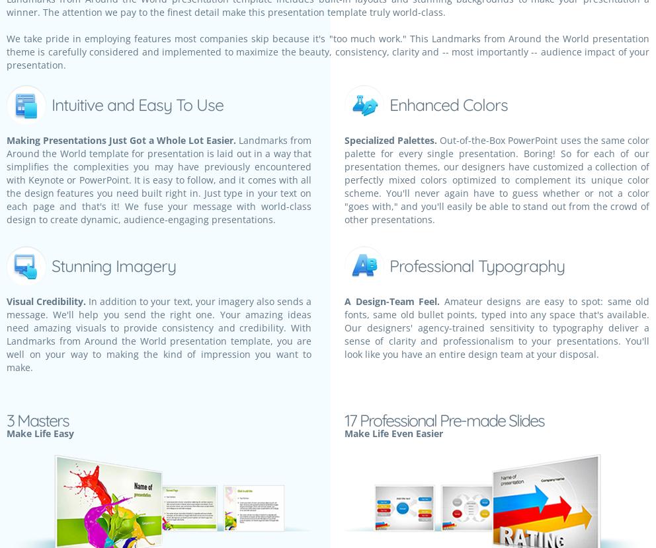 The width and height of the screenshot is (656, 548). What do you see at coordinates (390, 139) in the screenshot?
I see `'Specialized Palettes.'` at bounding box center [390, 139].